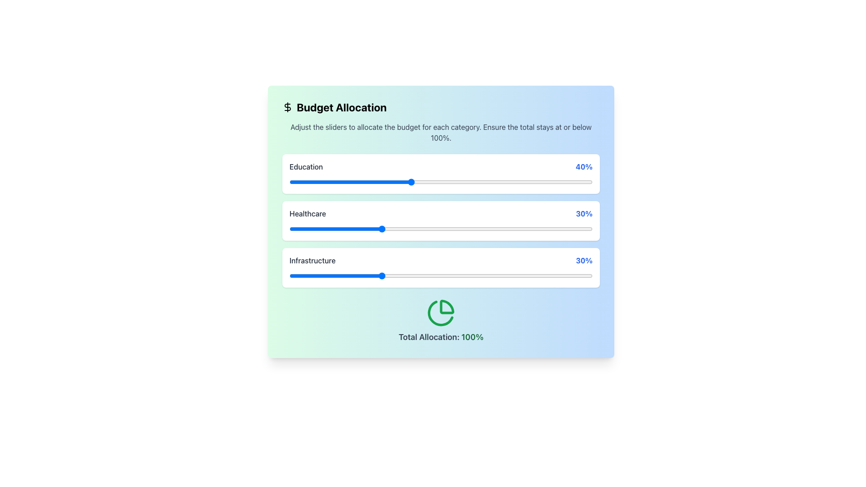 This screenshot has height=487, width=866. What do you see at coordinates (341, 182) in the screenshot?
I see `the budget allocation for Education` at bounding box center [341, 182].